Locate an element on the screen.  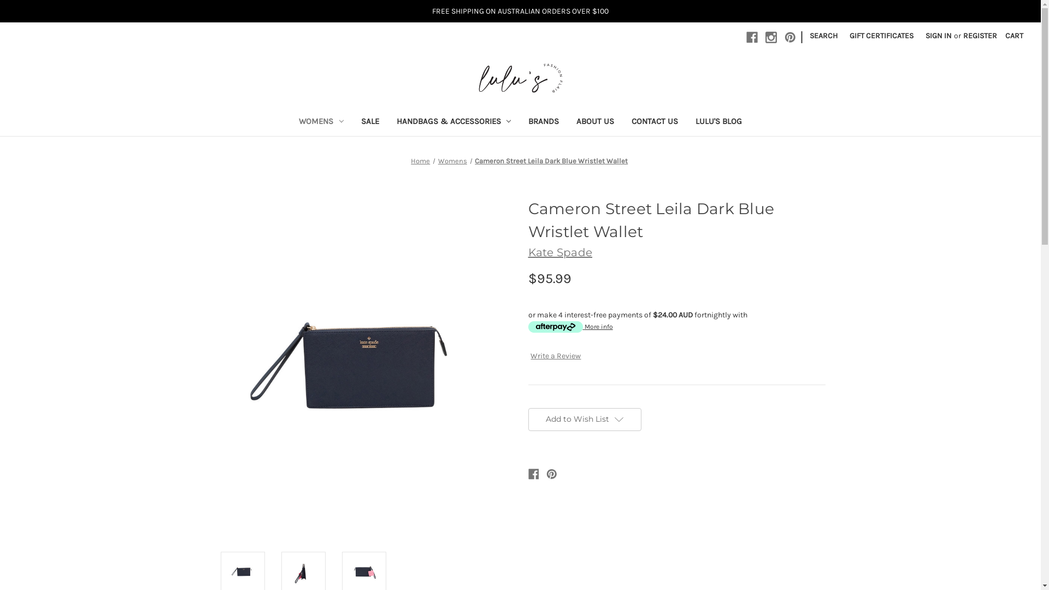
'REGISTER' is located at coordinates (980, 35).